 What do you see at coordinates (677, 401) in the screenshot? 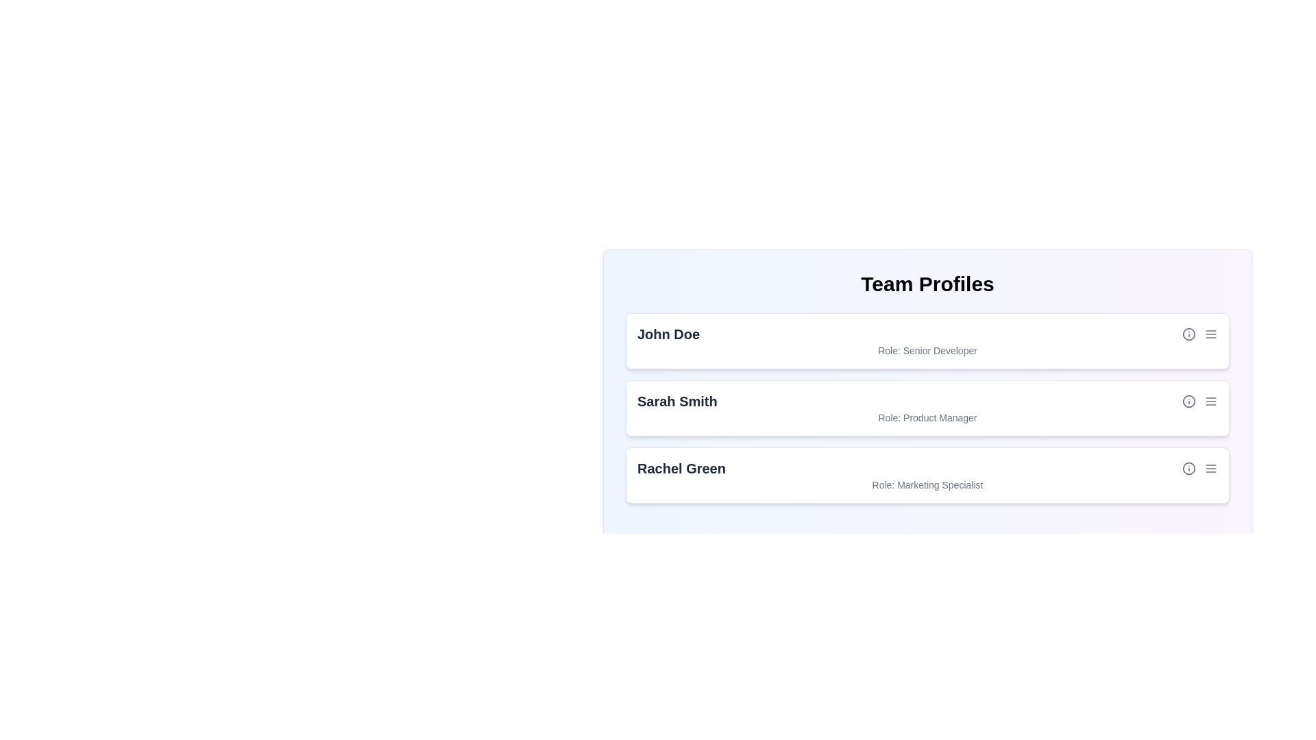
I see `the text label displaying 'Sarah Smith' in bold dark gray font, located in the 'Team Profiles' section, if interactive actions are assigned` at bounding box center [677, 401].